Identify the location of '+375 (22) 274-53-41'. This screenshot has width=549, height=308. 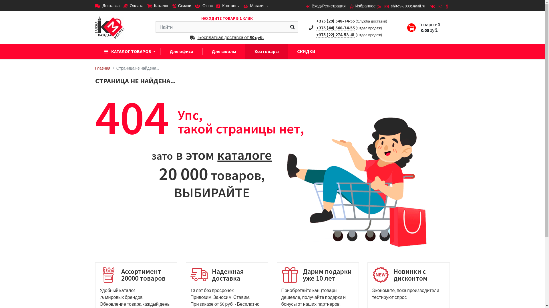
(335, 34).